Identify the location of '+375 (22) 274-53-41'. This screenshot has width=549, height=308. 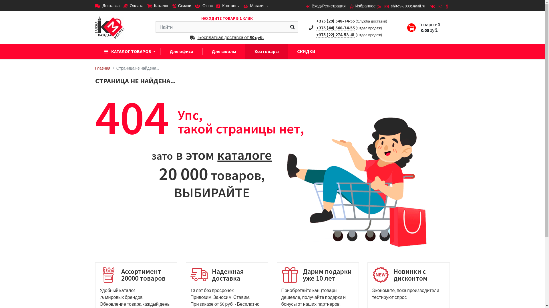
(335, 34).